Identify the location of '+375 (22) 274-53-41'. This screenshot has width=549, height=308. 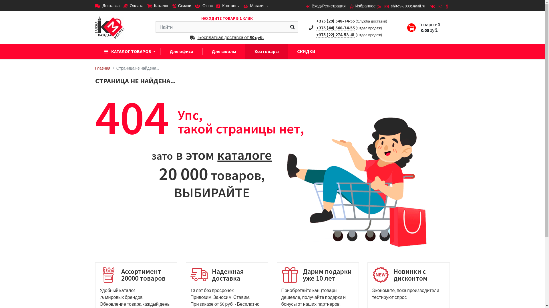
(335, 34).